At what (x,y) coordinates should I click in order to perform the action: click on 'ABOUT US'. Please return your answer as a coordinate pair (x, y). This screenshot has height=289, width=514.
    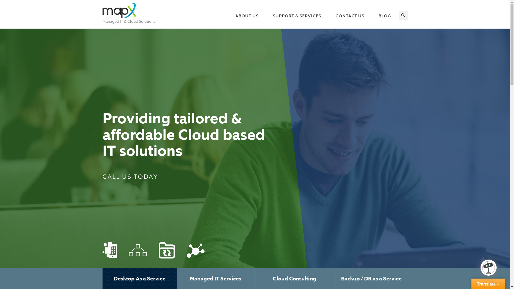
    Looking at the image, I should click on (229, 16).